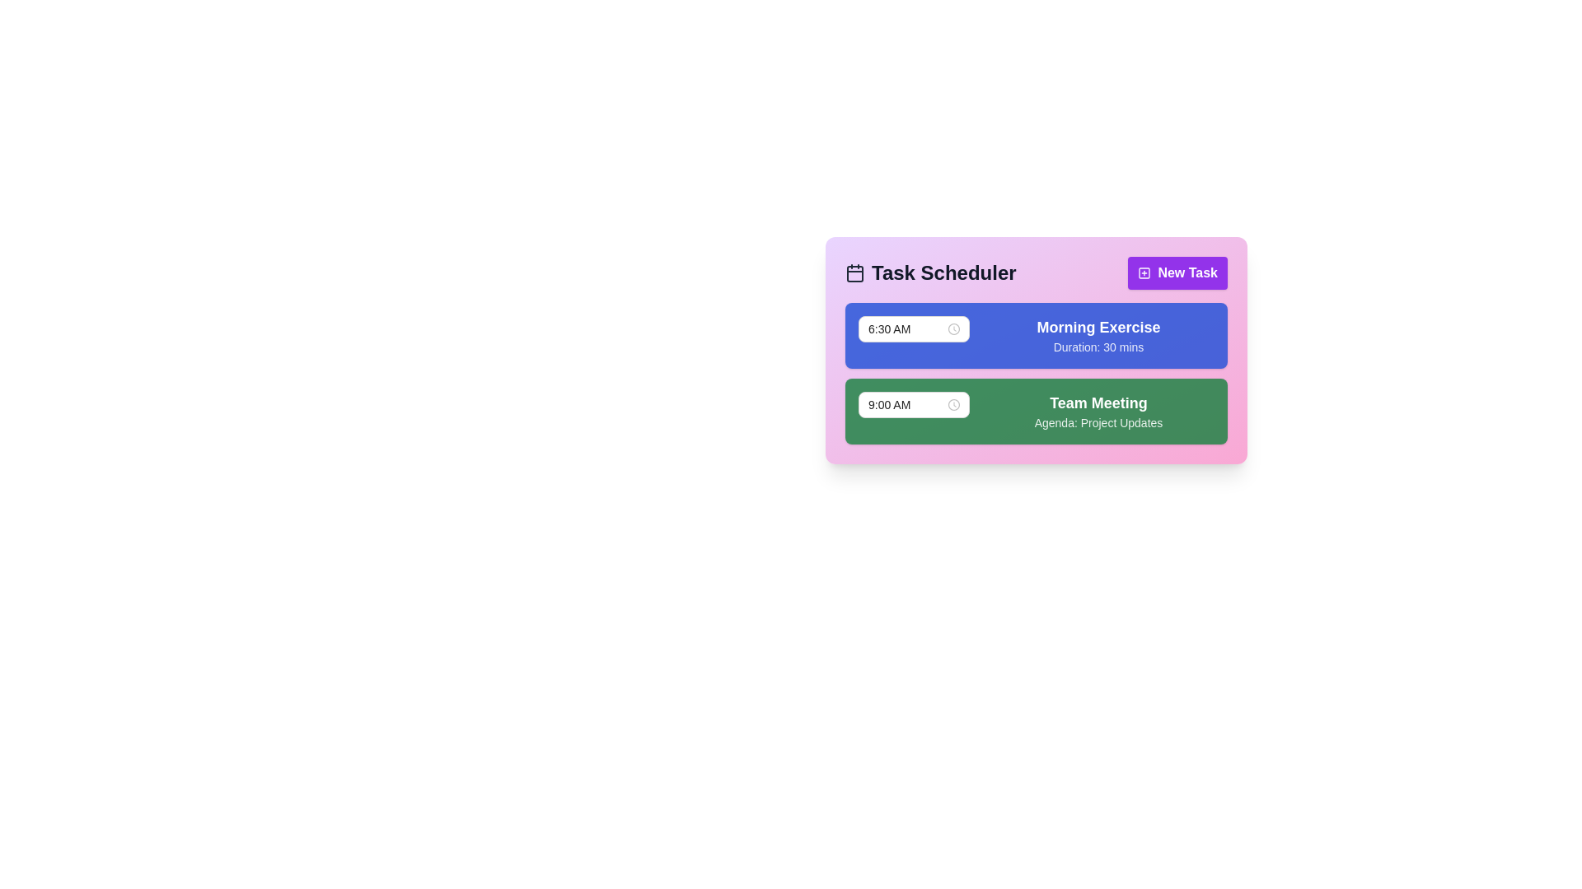  Describe the element at coordinates (1098, 403) in the screenshot. I see `the 'Team Meeting' text label in bold white font on a green background located at the bottom section of the scheduling card for the '9:00 AM' time slot to focus or select the text` at that location.